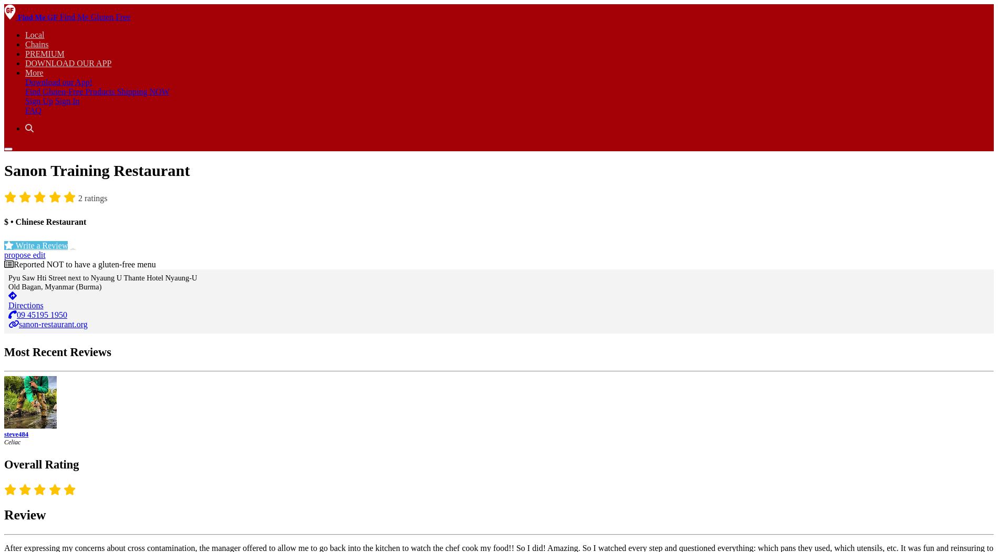 The width and height of the screenshot is (998, 552). What do you see at coordinates (44, 54) in the screenshot?
I see `'PREMIUM'` at bounding box center [44, 54].